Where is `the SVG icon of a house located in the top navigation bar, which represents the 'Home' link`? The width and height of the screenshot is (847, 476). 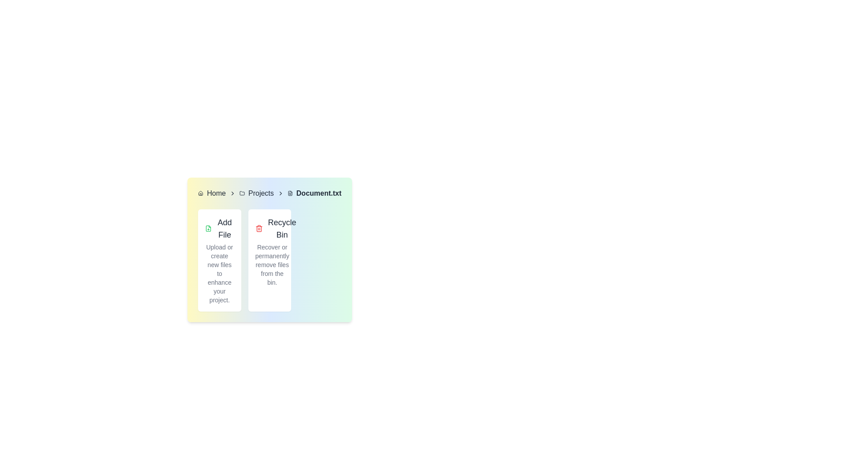
the SVG icon of a house located in the top navigation bar, which represents the 'Home' link is located at coordinates (200, 193).